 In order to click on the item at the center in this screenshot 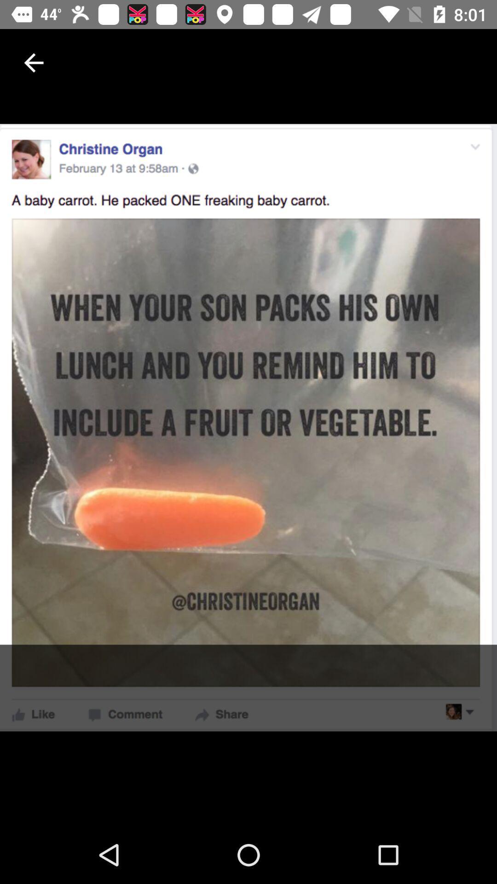, I will do `click(248, 427)`.